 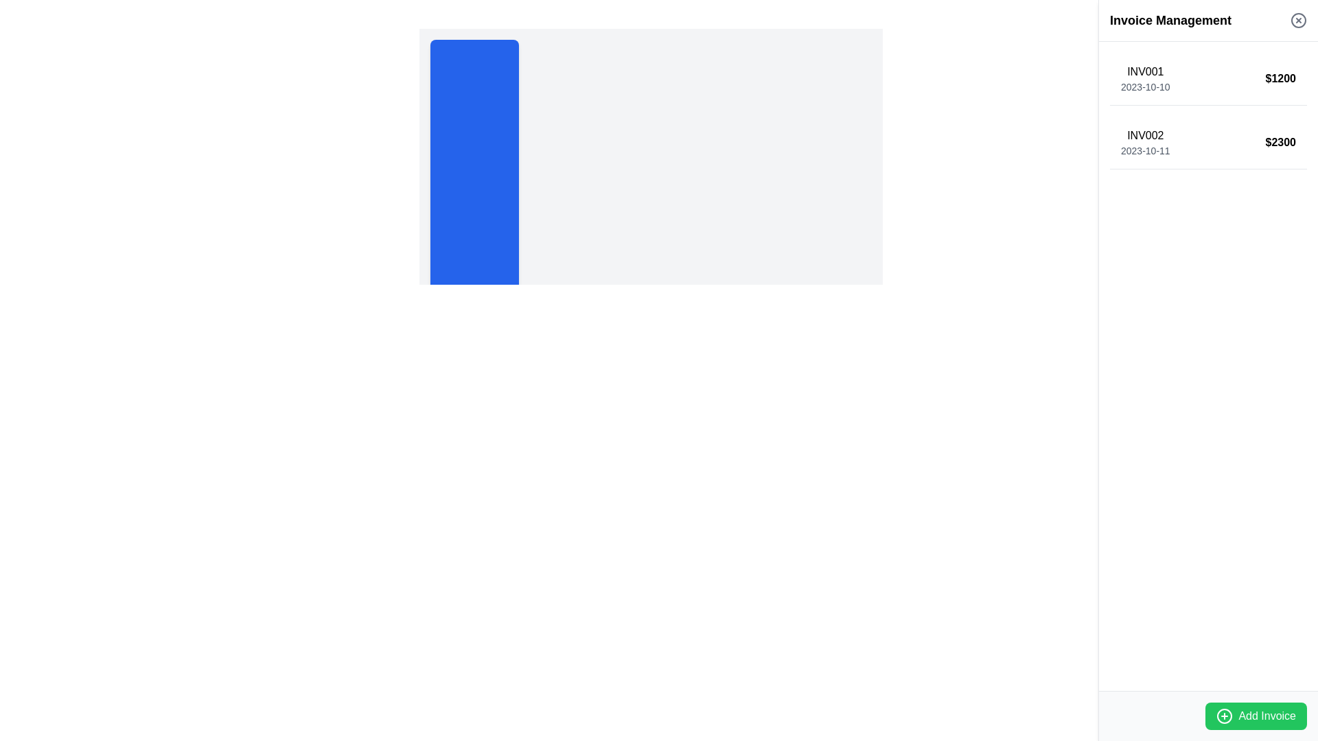 I want to click on the text label displaying the total amount for invoice 'INV001', located in the right panel, adjacent to the invoice number and date, so click(x=1280, y=79).